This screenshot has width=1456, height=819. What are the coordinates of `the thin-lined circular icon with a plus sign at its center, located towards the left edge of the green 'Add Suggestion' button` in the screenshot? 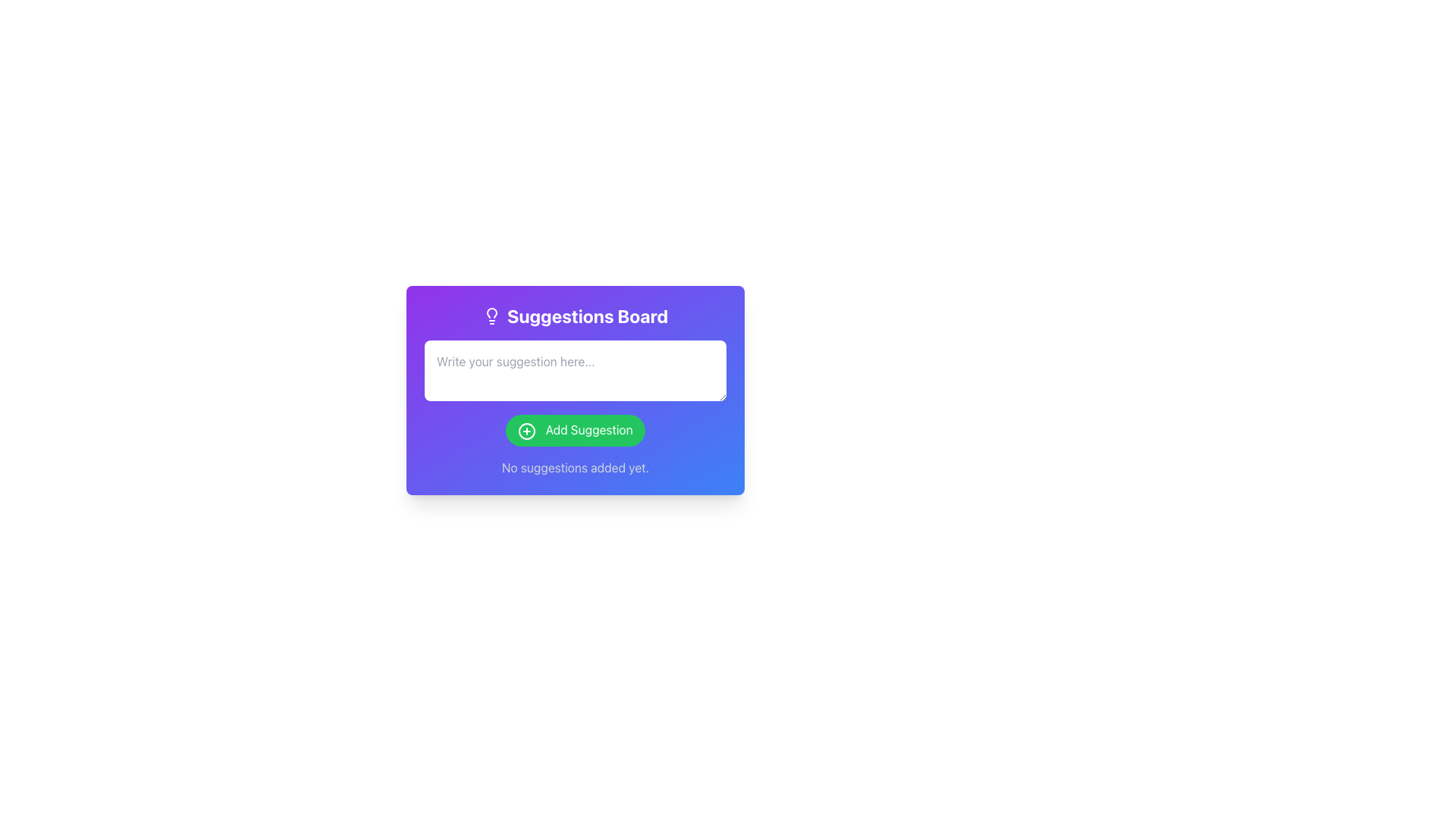 It's located at (527, 431).